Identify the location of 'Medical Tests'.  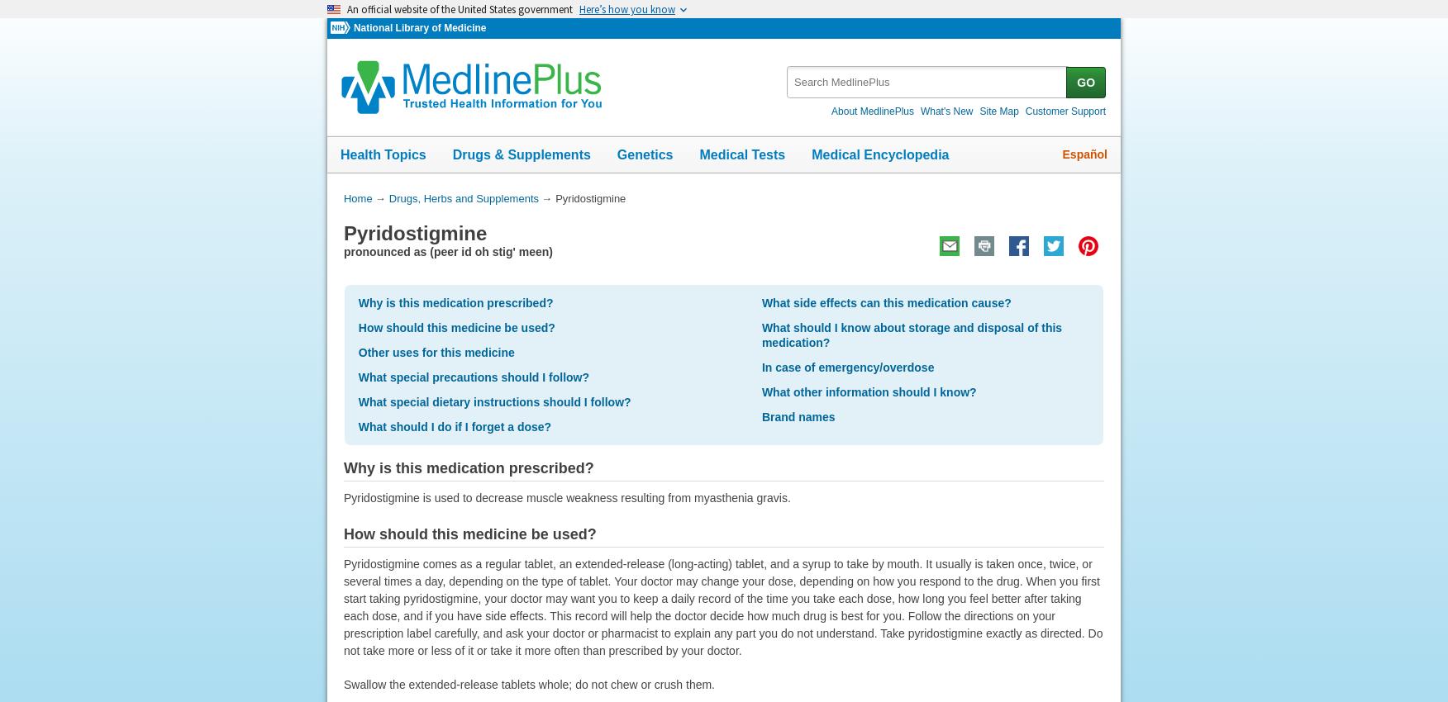
(742, 153).